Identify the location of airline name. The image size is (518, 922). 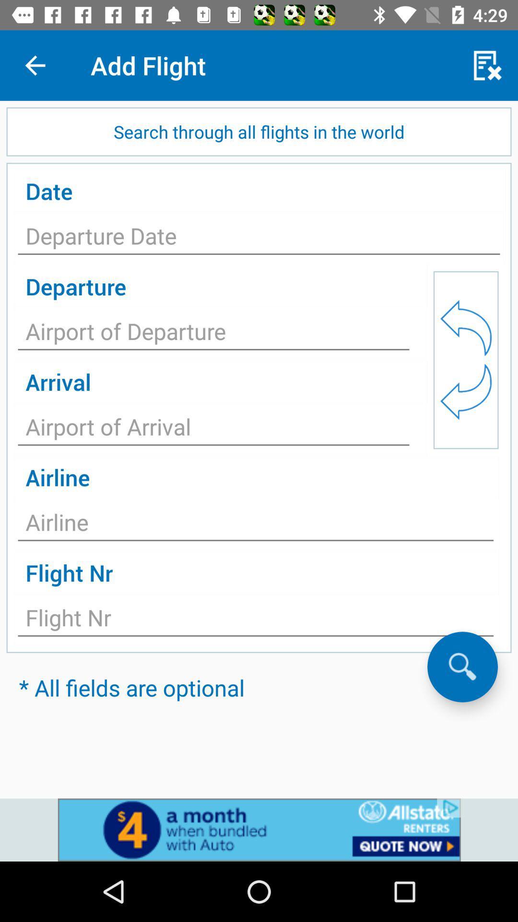
(255, 524).